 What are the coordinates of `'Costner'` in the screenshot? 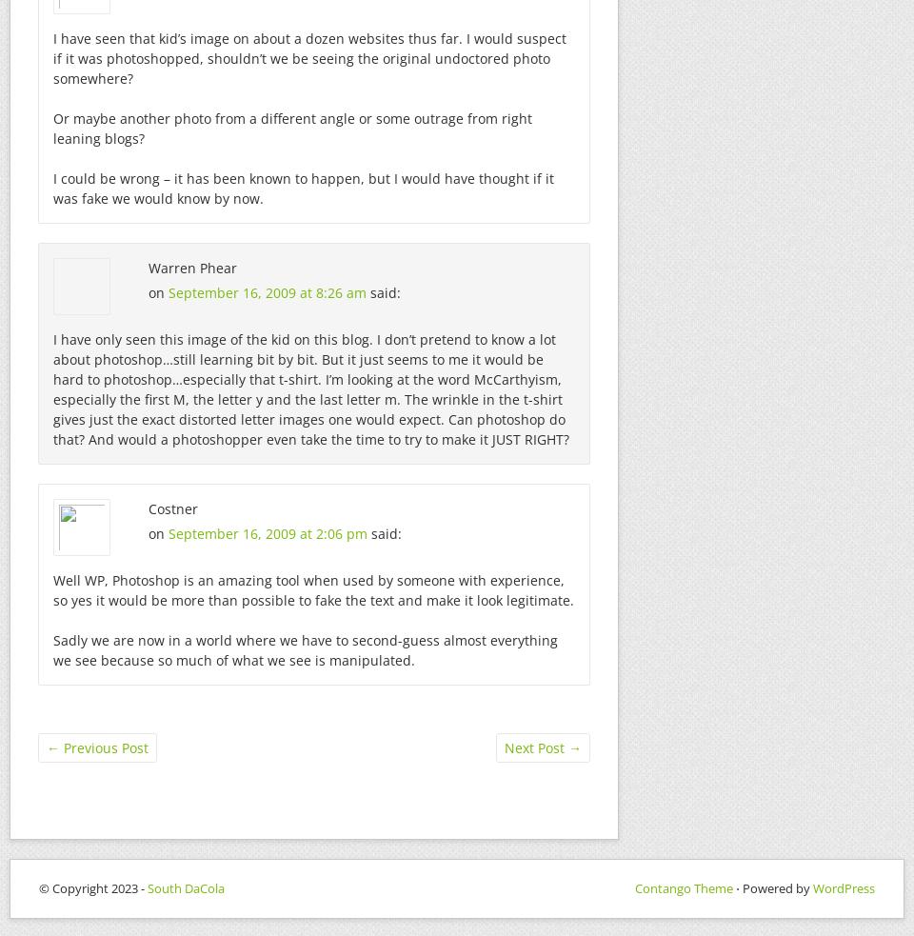 It's located at (173, 508).